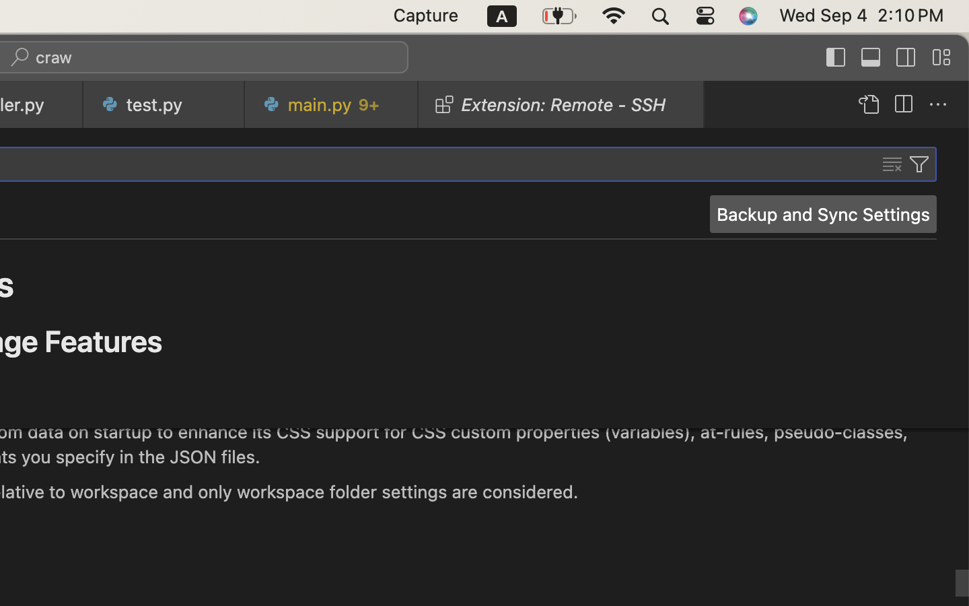 This screenshot has height=606, width=969. I want to click on '', so click(871, 57).